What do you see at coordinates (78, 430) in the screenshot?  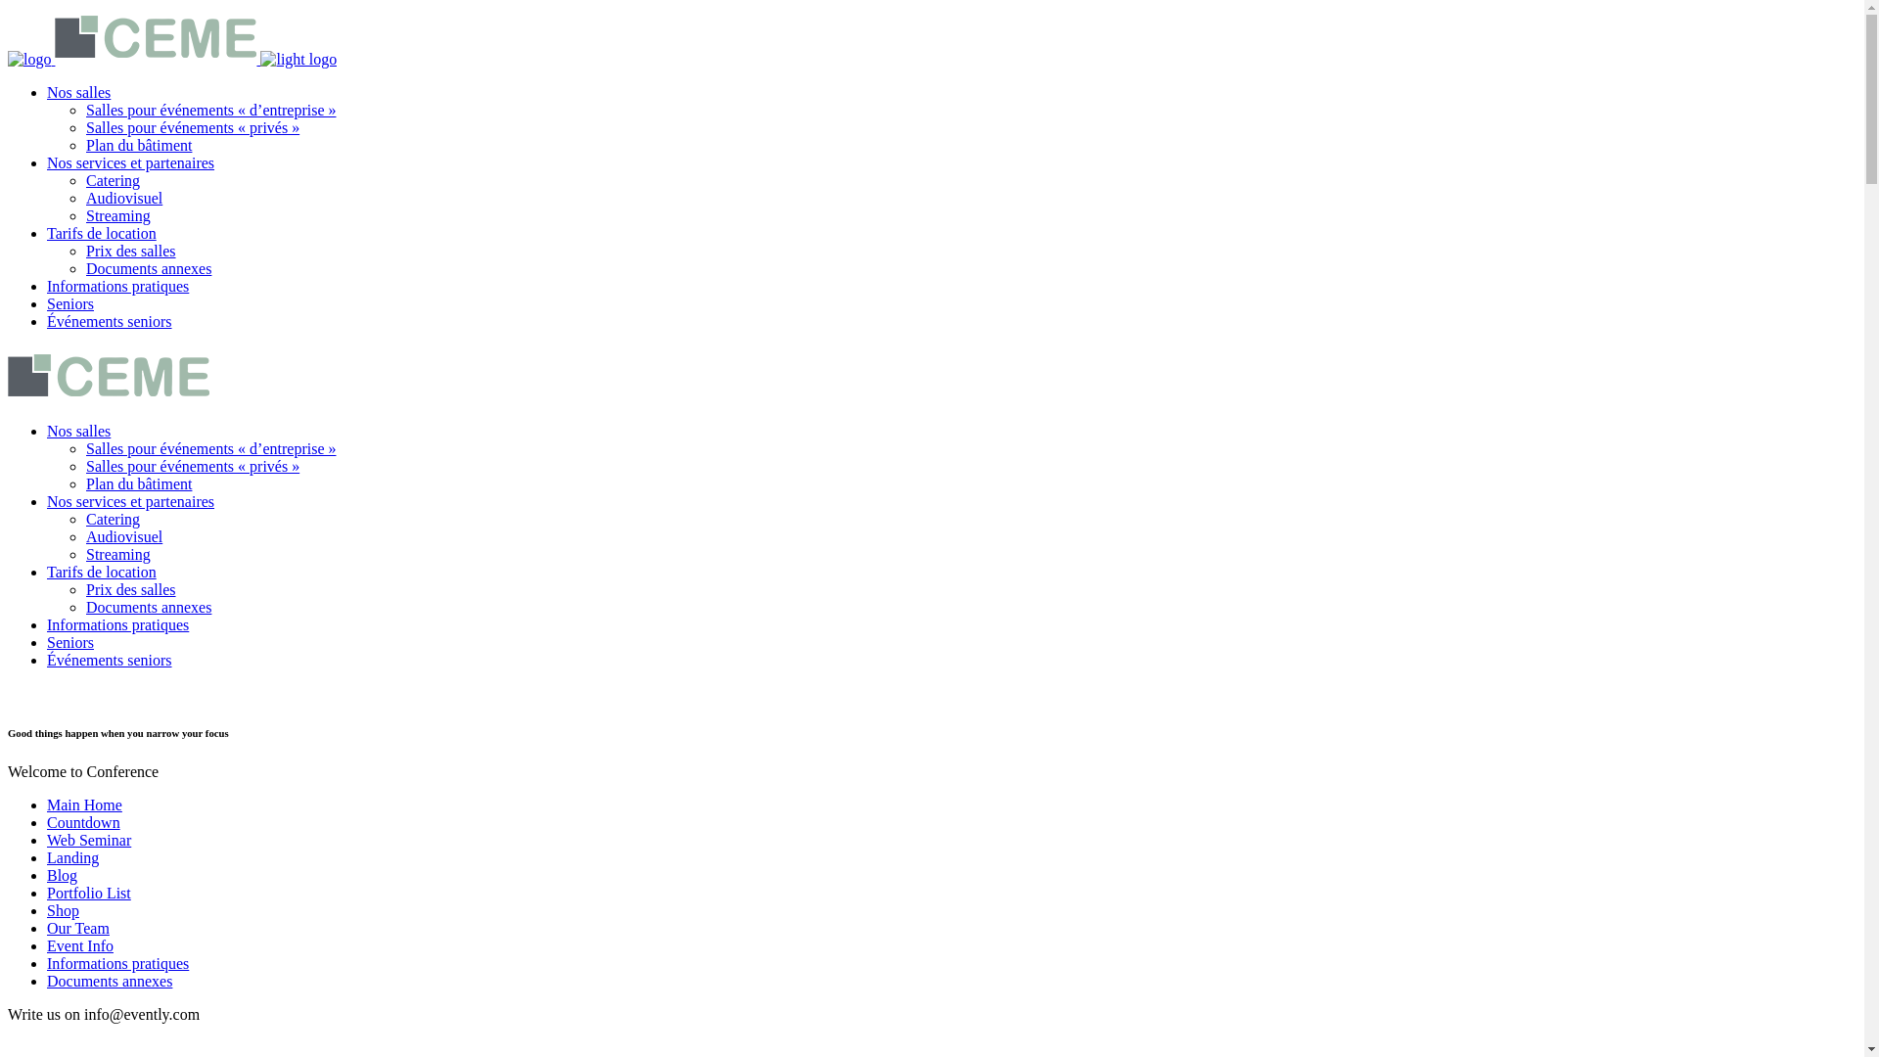 I see `'Nos salles'` at bounding box center [78, 430].